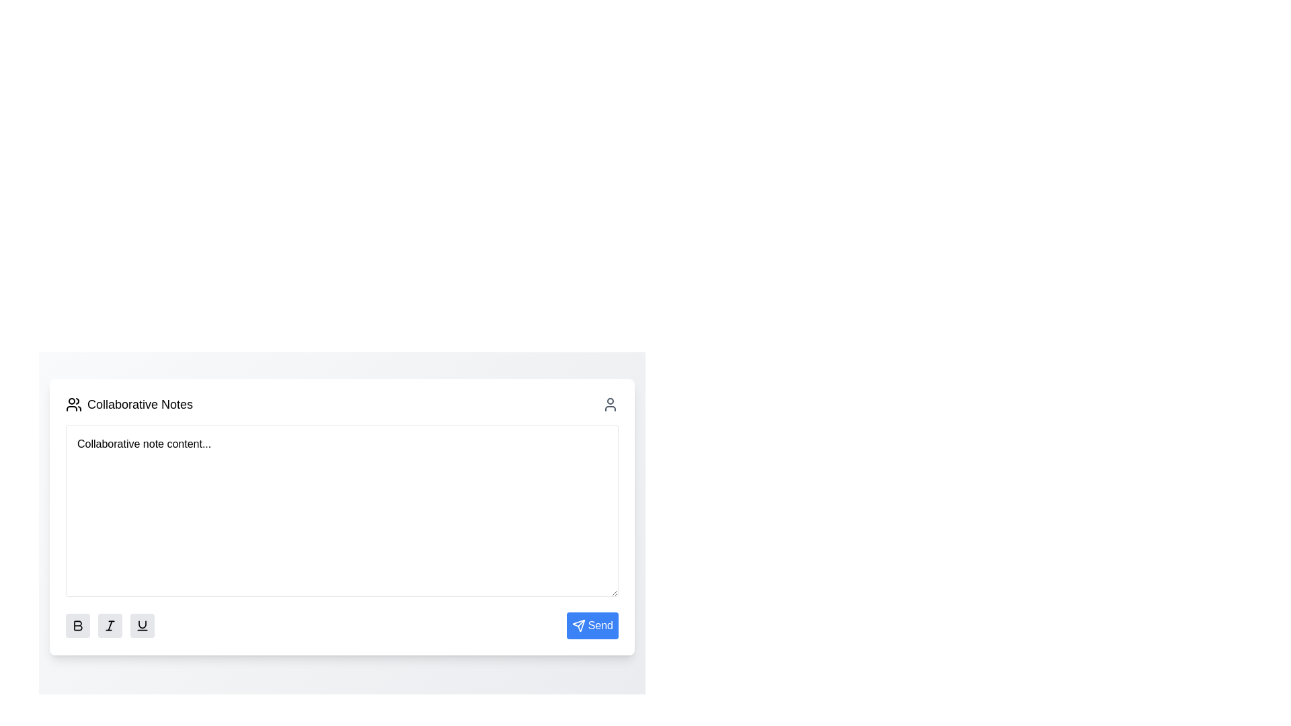  Describe the element at coordinates (578, 625) in the screenshot. I see `the triangular arrow icon representing the 'send' action located in the bottom-right corner of the collaborative note-taking interface` at that location.